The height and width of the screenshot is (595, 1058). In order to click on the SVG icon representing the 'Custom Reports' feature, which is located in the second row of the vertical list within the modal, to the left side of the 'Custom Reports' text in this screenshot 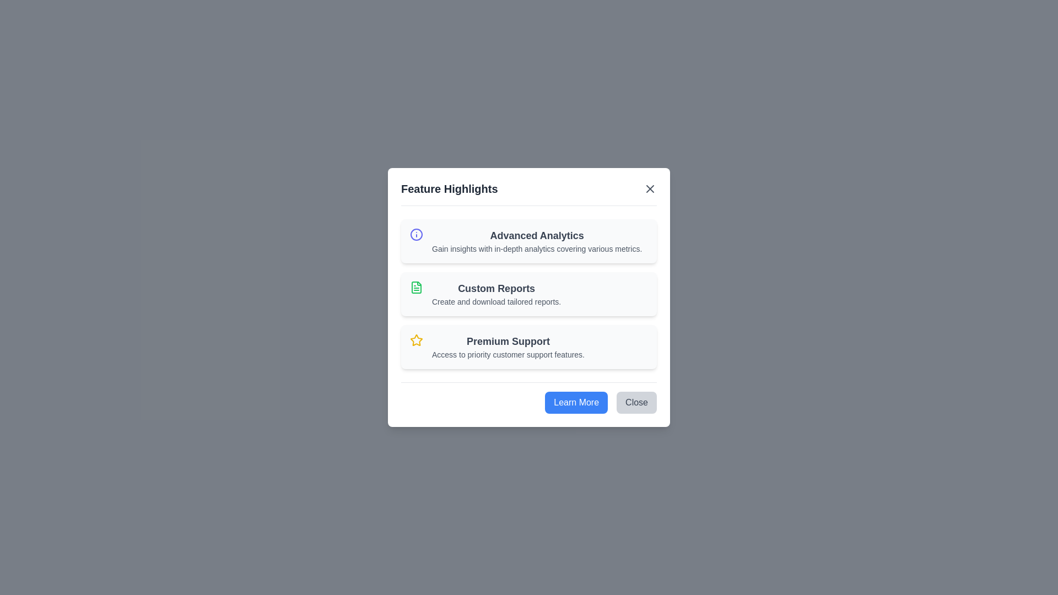, I will do `click(415, 286)`.